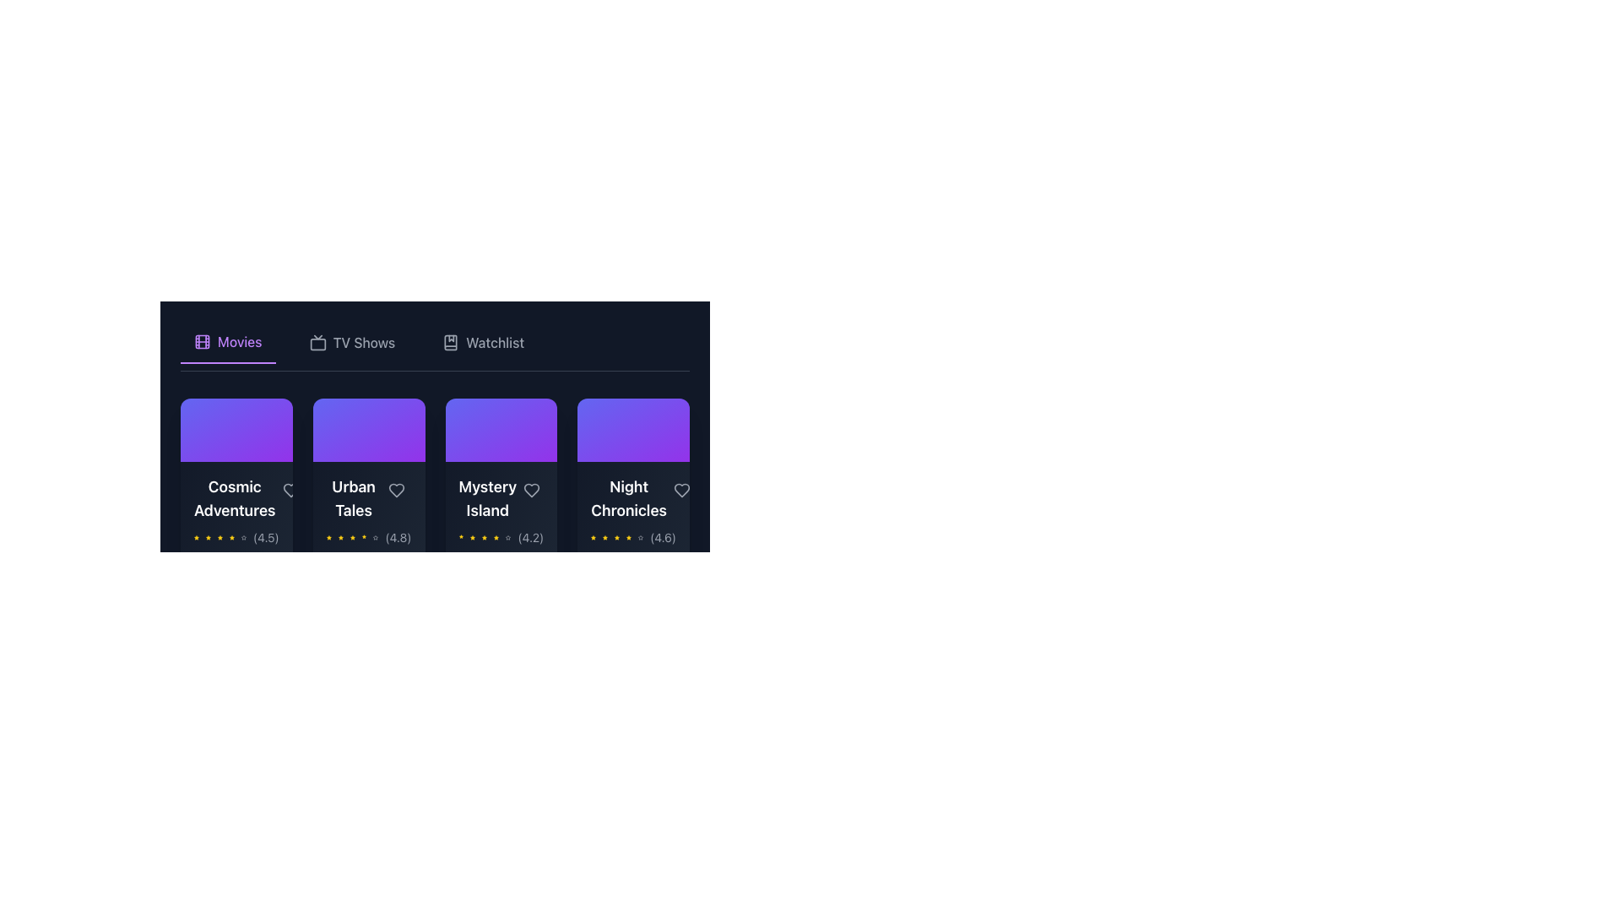  What do you see at coordinates (290, 490) in the screenshot?
I see `the heart-shaped SVG icon button located at the bottom right area of the 'Cosmic Adventures' movie card` at bounding box center [290, 490].